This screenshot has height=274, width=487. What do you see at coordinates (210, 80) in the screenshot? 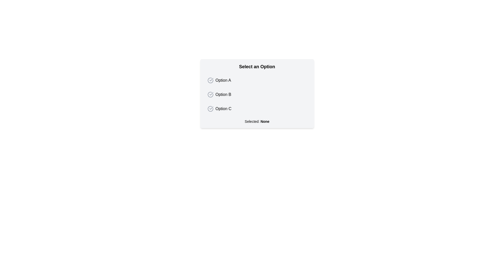
I see `the circular gray icon with a checkmark that indicates the current selection, located to the left of the text 'Option A'` at bounding box center [210, 80].